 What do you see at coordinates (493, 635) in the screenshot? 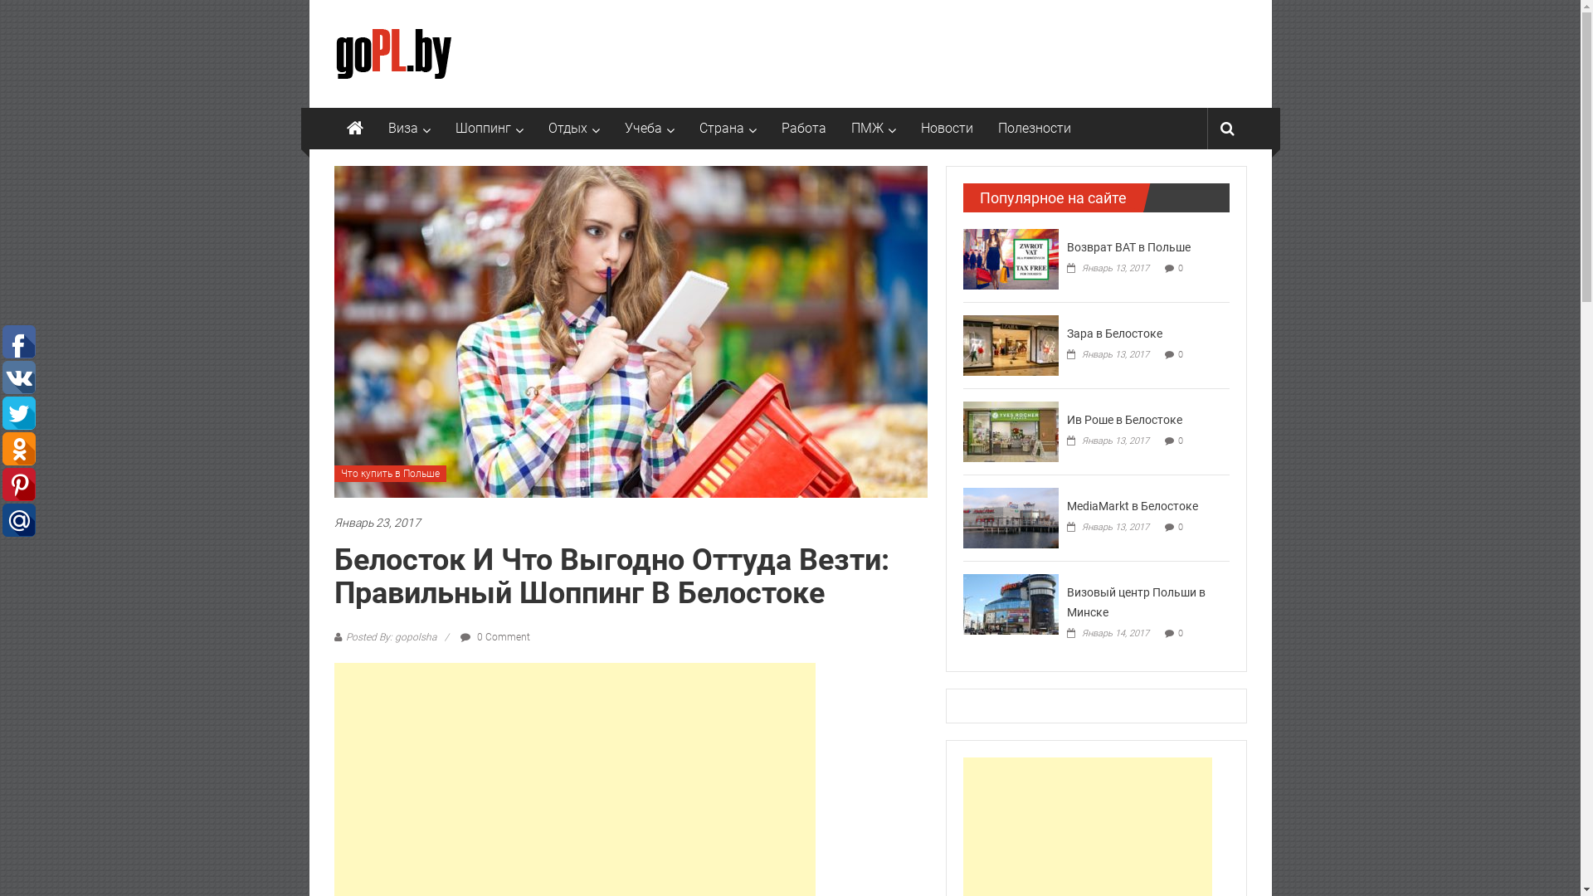
I see `'0 Comment'` at bounding box center [493, 635].